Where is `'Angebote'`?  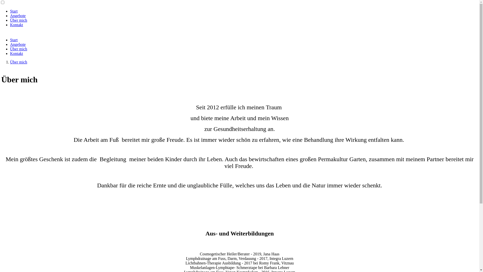 'Angebote' is located at coordinates (18, 44).